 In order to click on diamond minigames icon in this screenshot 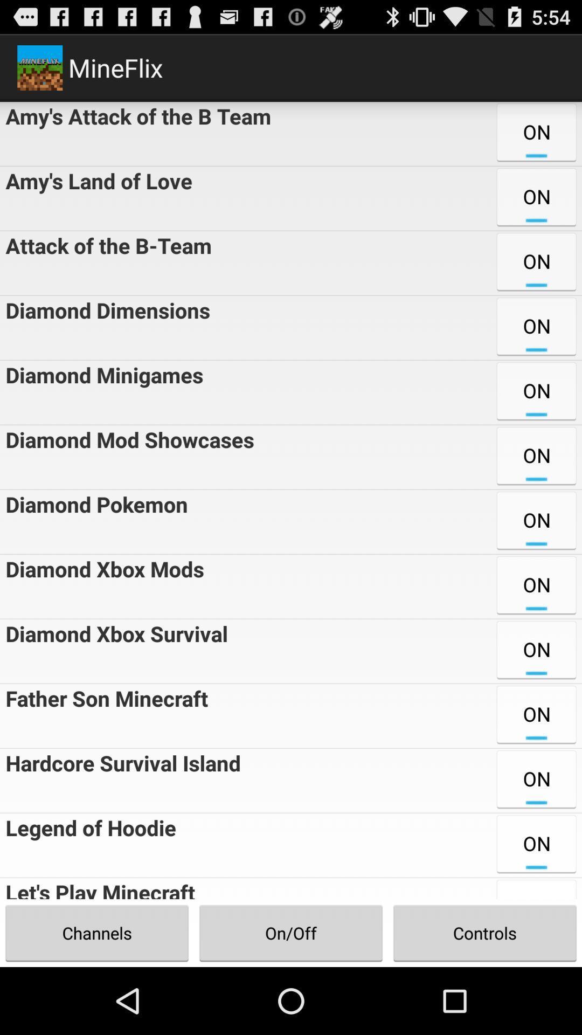, I will do `click(101, 392)`.